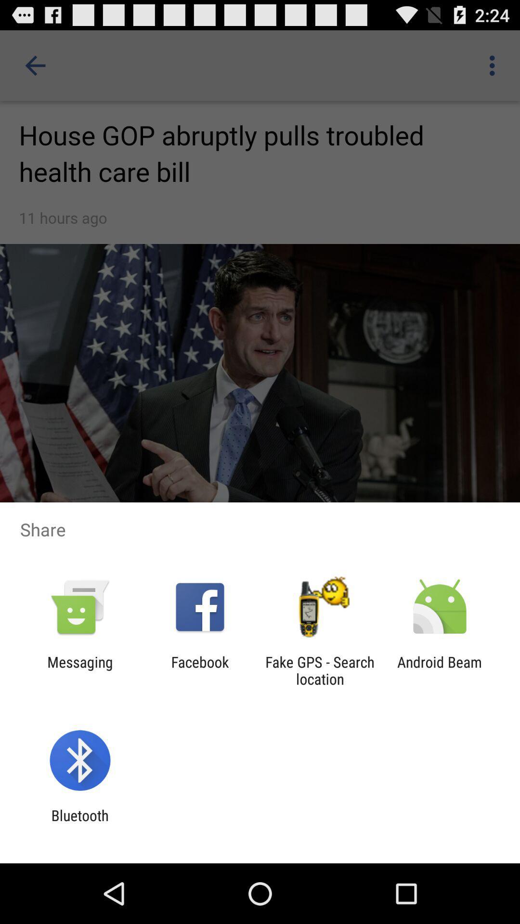  I want to click on the facebook icon, so click(199, 670).